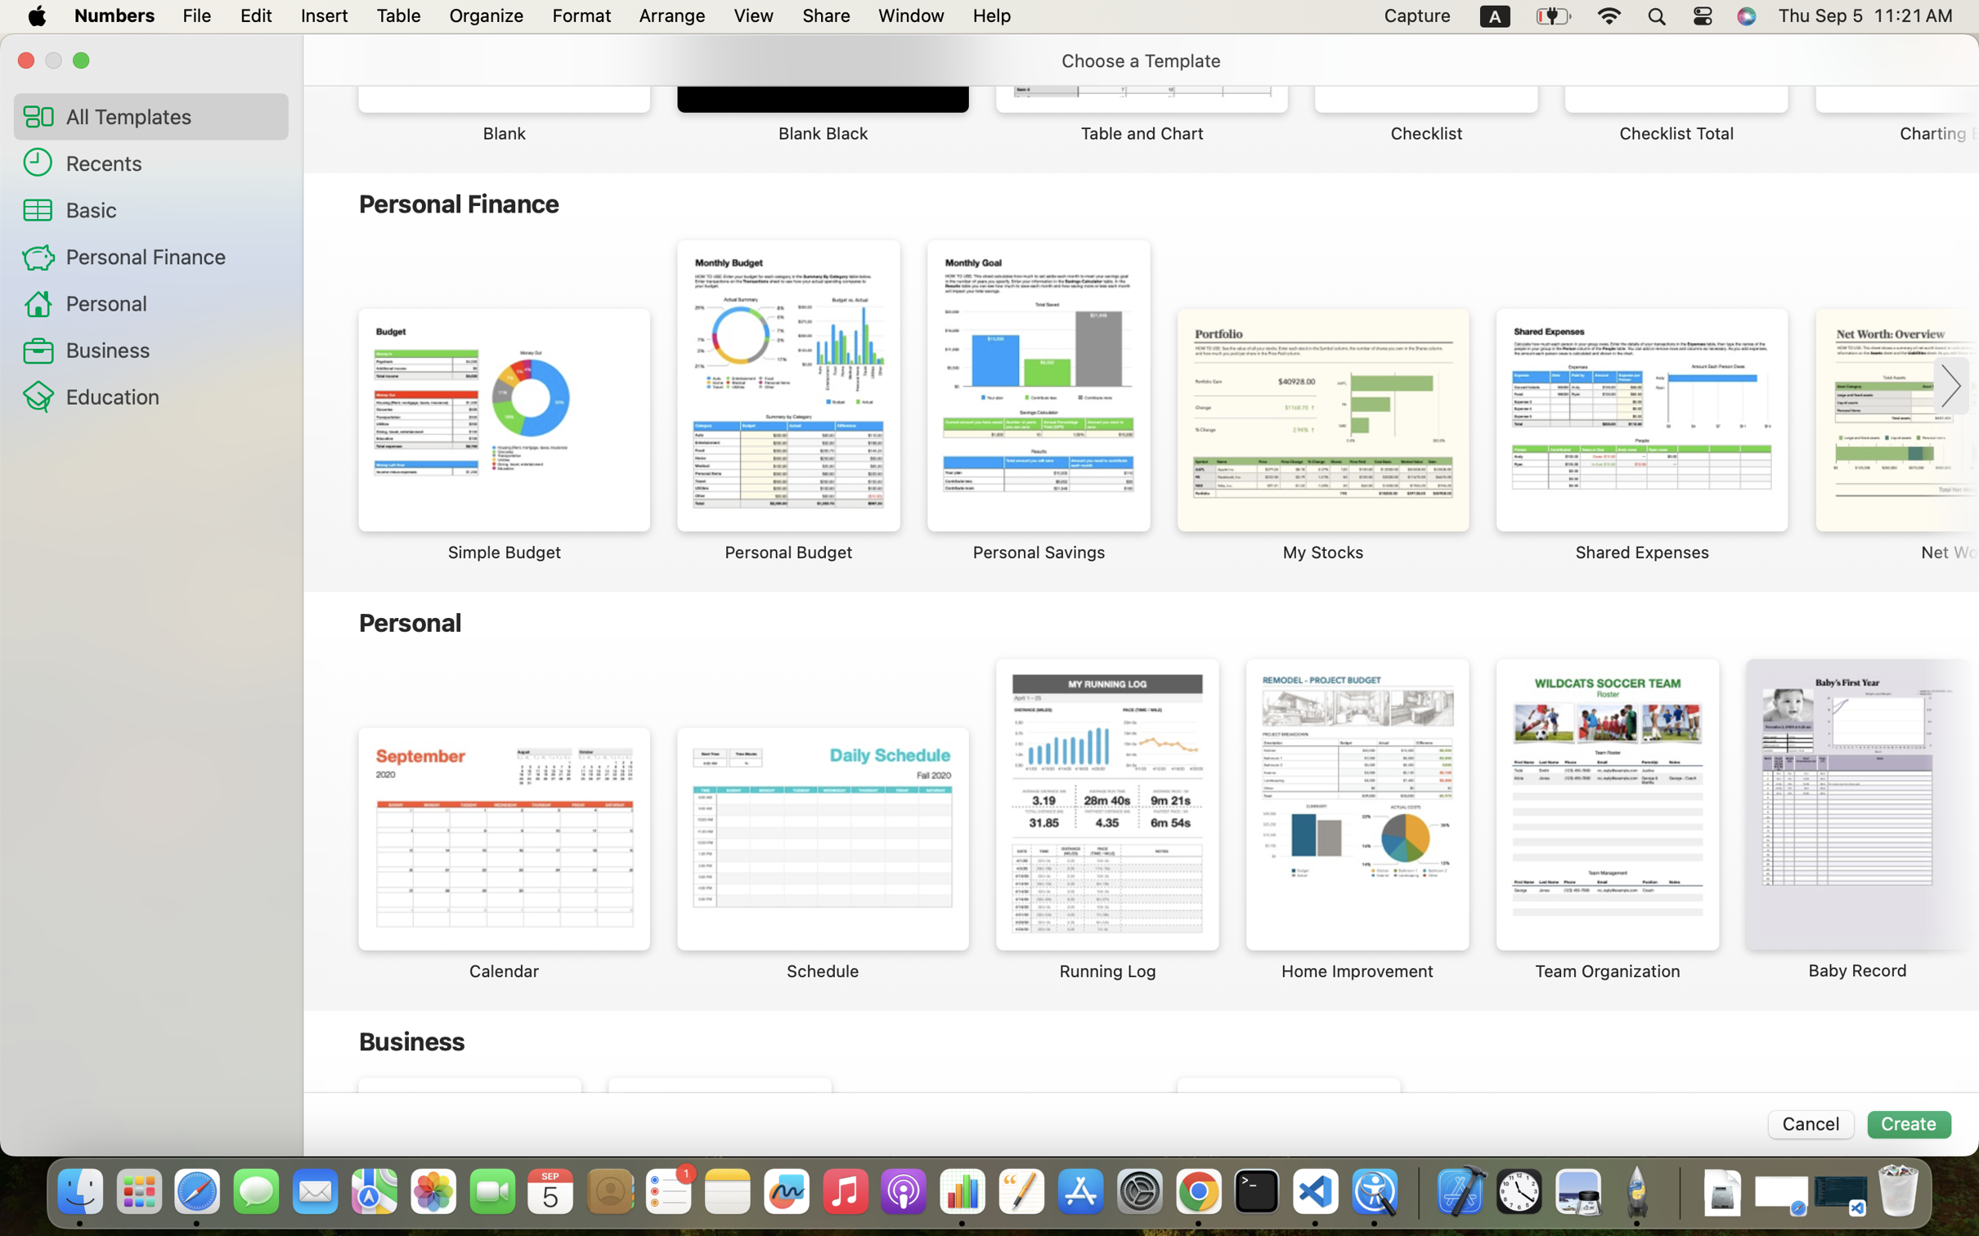  What do you see at coordinates (170, 349) in the screenshot?
I see `'Business'` at bounding box center [170, 349].